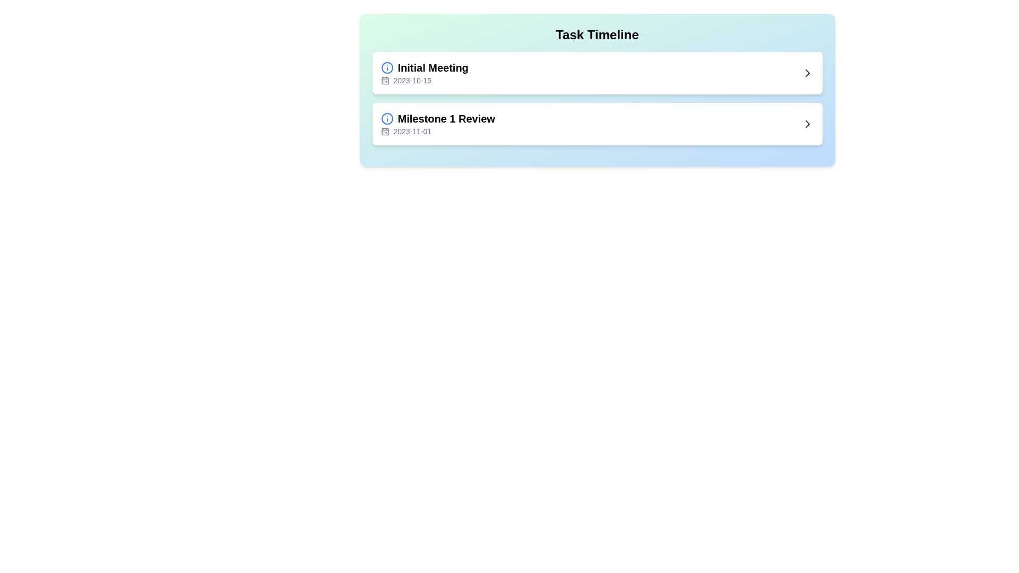 The width and height of the screenshot is (1019, 573). Describe the element at coordinates (807, 124) in the screenshot. I see `the right-facing chevron icon styled in dark gray that changes to blue when hovered over, located in the rightmost position of the second row containing 'Milestone 1 Review'` at that location.